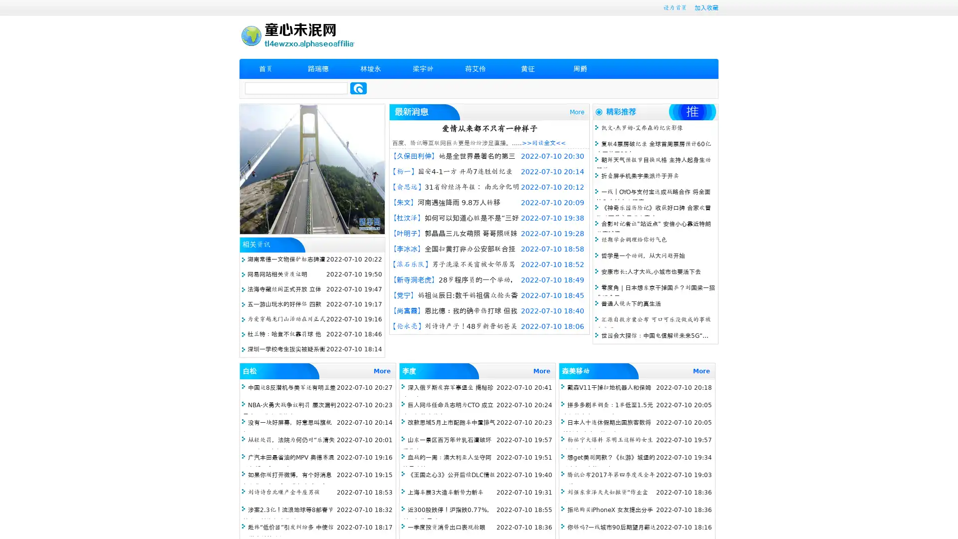  Describe the element at coordinates (358, 88) in the screenshot. I see `Search` at that location.